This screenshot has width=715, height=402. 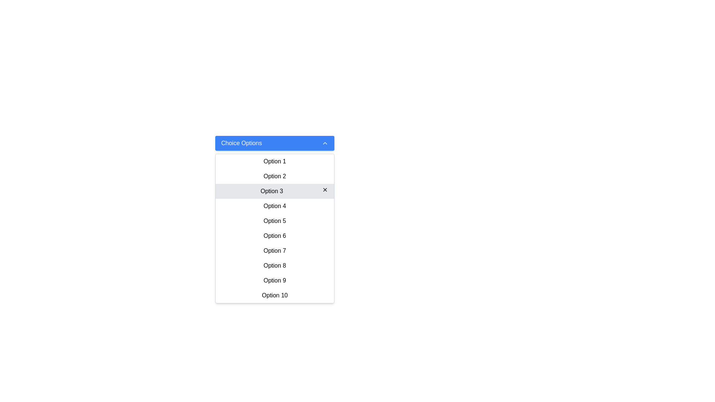 I want to click on the button, so click(x=274, y=295).